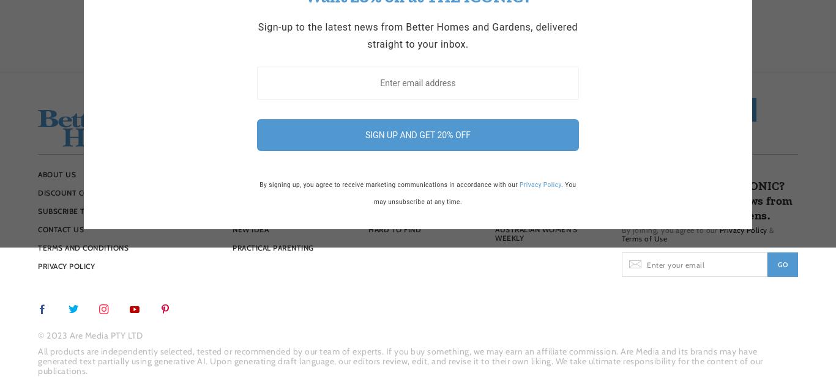 This screenshot has width=836, height=382. I want to click on 'New Idea', so click(250, 229).